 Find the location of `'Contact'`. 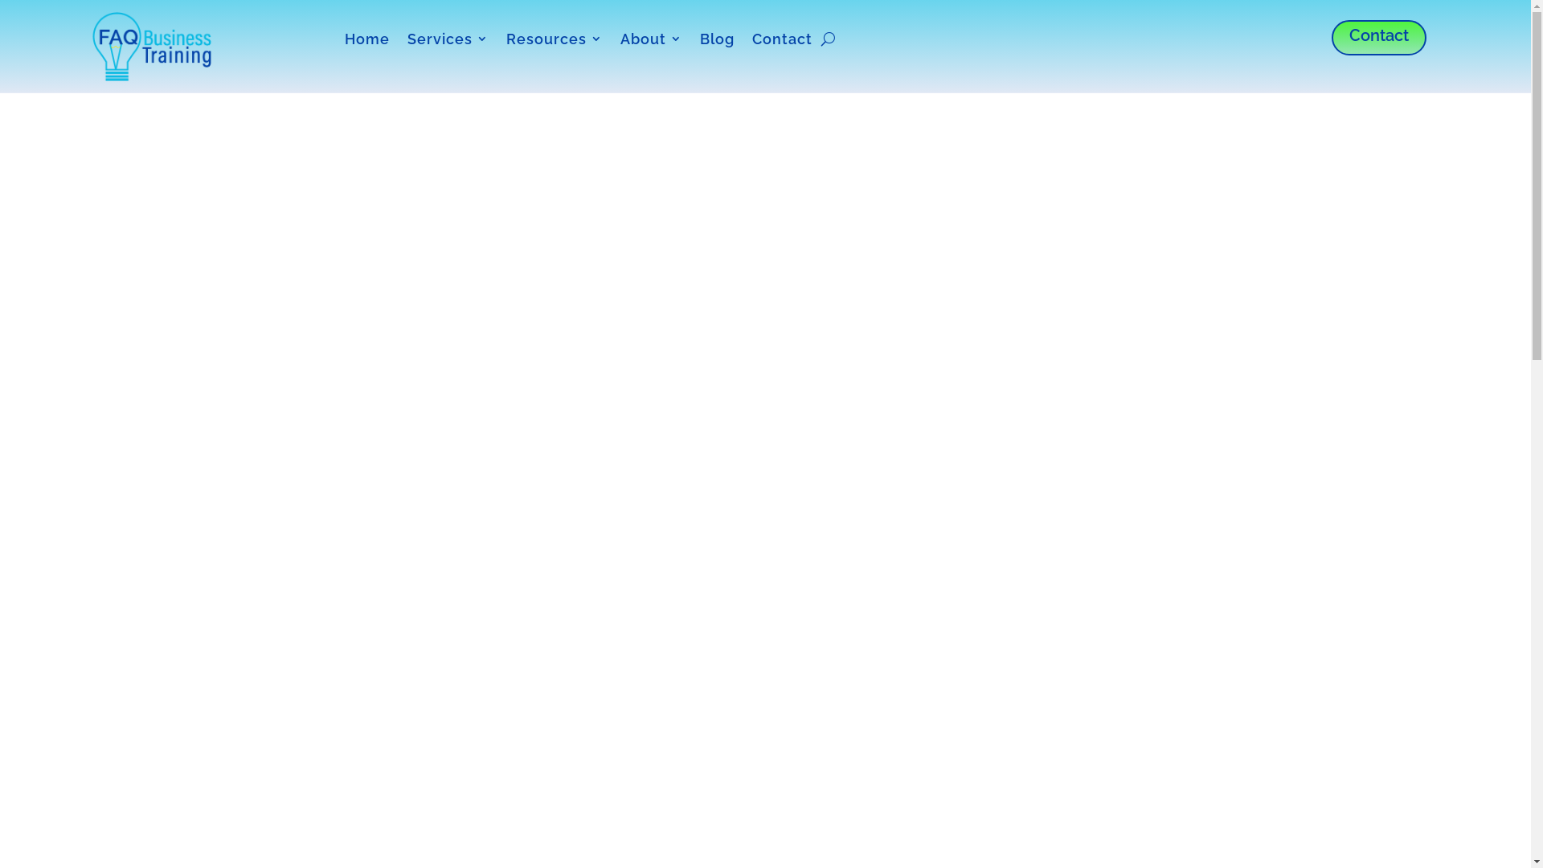

'Contact' is located at coordinates (1378, 36).